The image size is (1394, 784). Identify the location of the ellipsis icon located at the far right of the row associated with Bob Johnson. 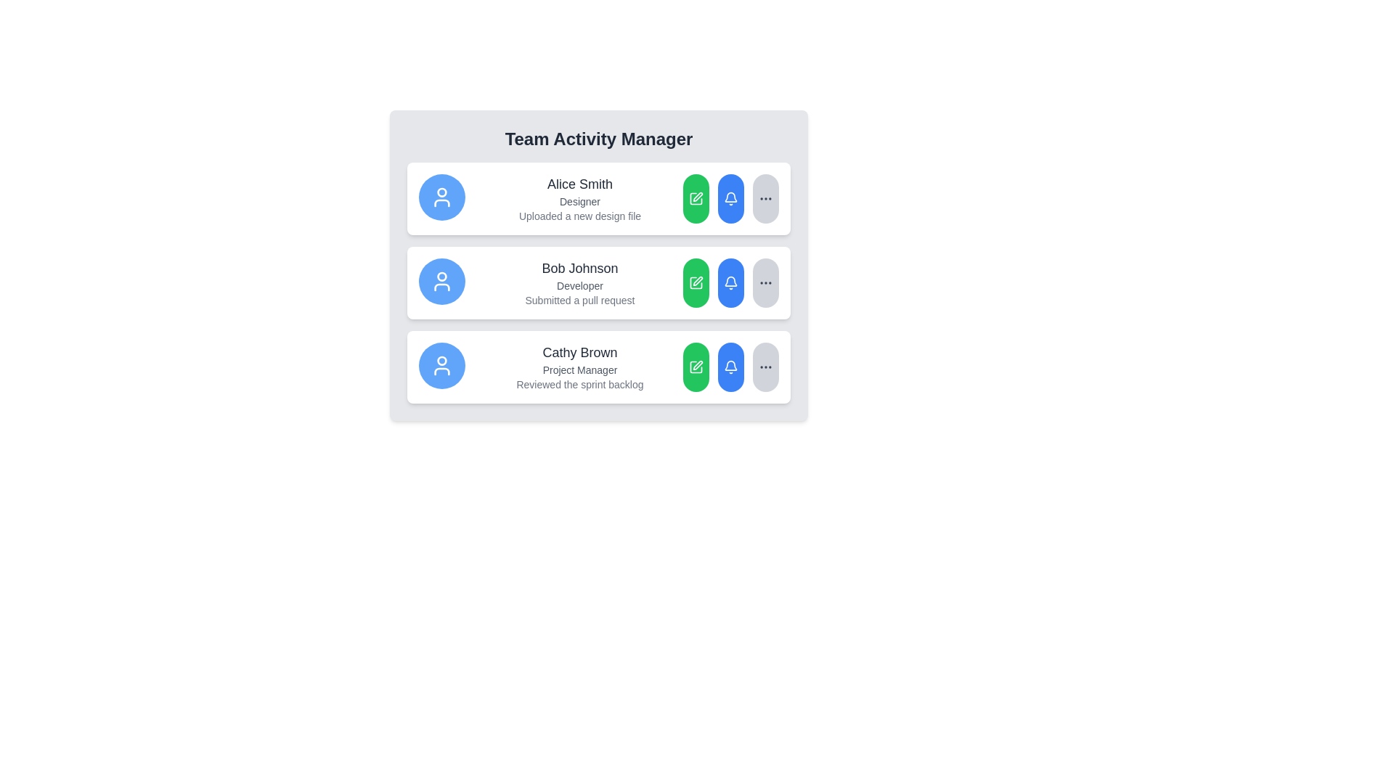
(765, 282).